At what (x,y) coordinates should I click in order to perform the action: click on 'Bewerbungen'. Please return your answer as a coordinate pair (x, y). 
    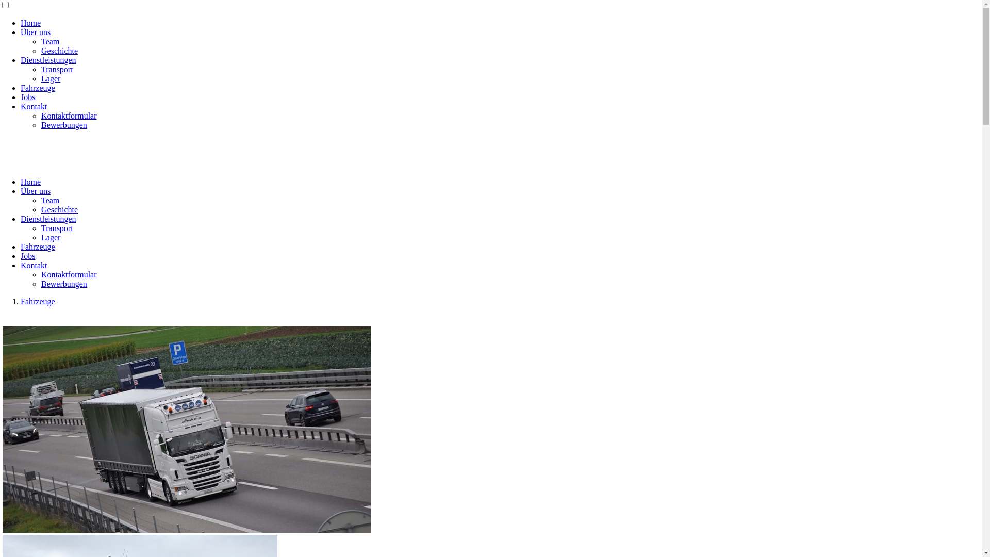
    Looking at the image, I should click on (63, 284).